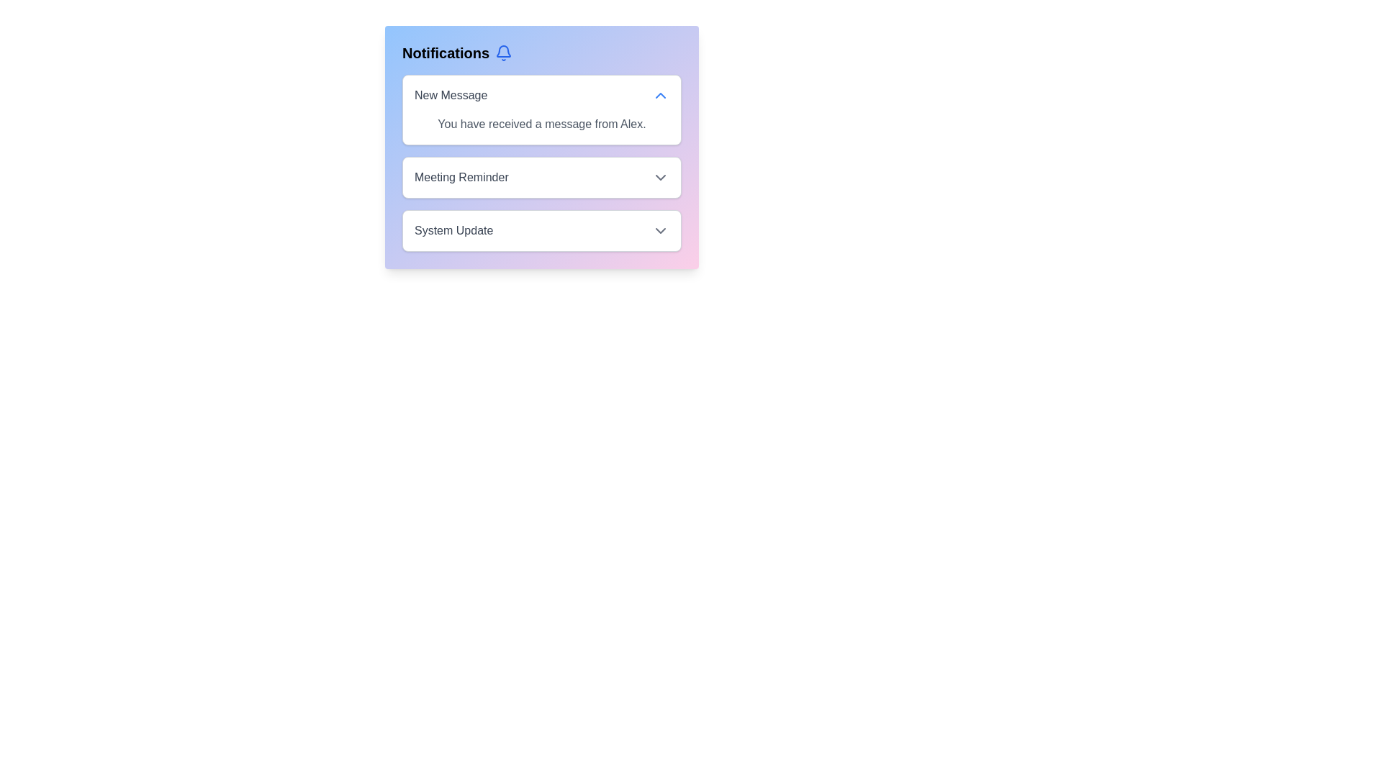 This screenshot has width=1382, height=777. What do you see at coordinates (659, 230) in the screenshot?
I see `the chevron-down icon located at the rightmost position of the 'System Update' item` at bounding box center [659, 230].